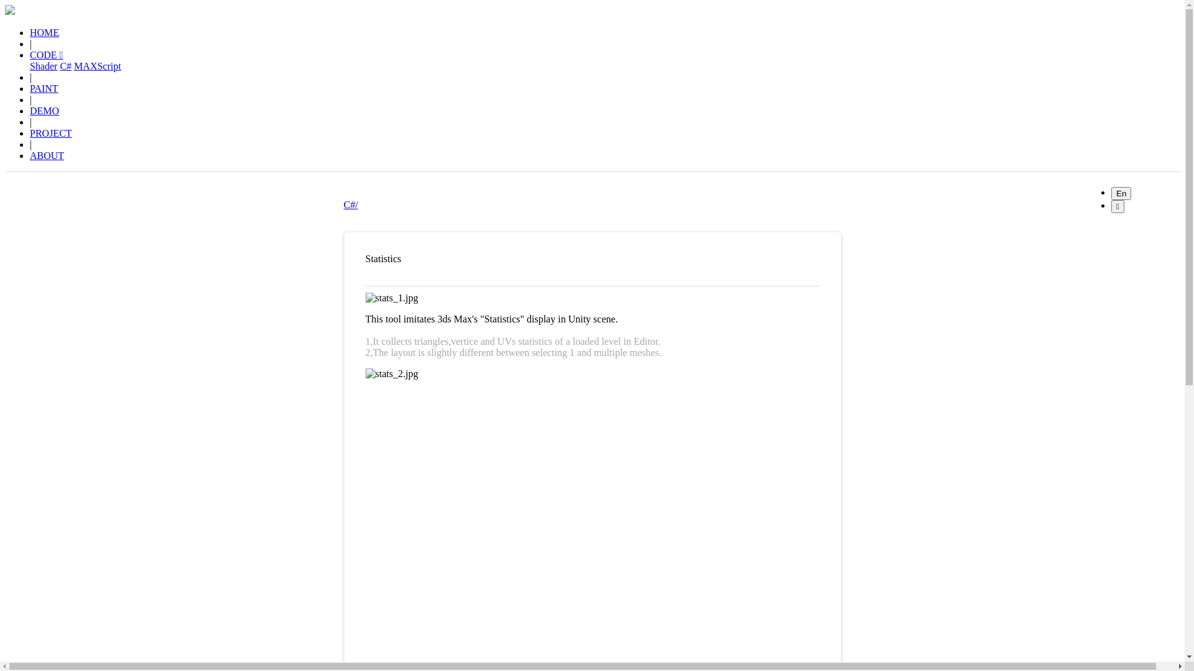 This screenshot has height=671, width=1194. What do you see at coordinates (44, 88) in the screenshot?
I see `'PAINT'` at bounding box center [44, 88].